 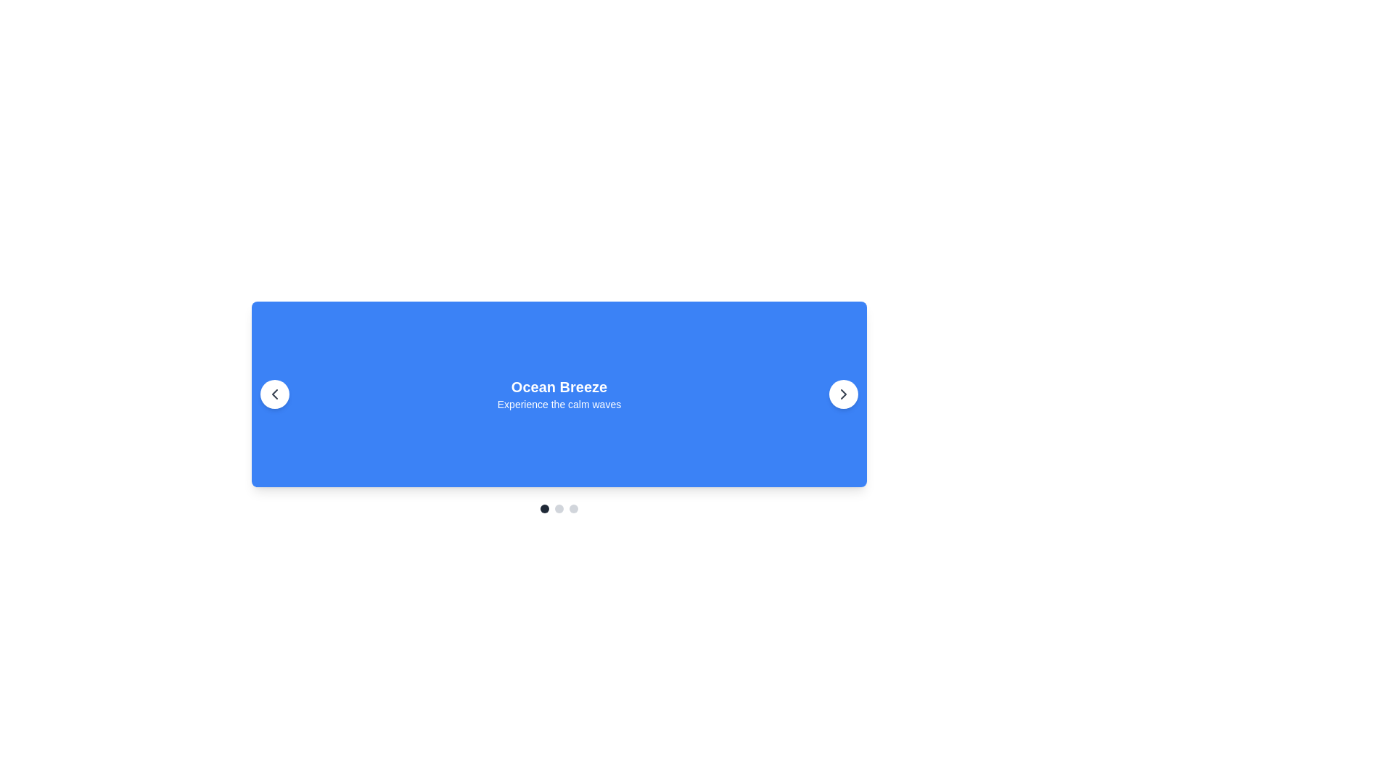 What do you see at coordinates (559, 386) in the screenshot?
I see `text label titled 'Ocean Breeze', which is styled with a blue background and positioned above the sibling text 'Experience the calm waves'` at bounding box center [559, 386].